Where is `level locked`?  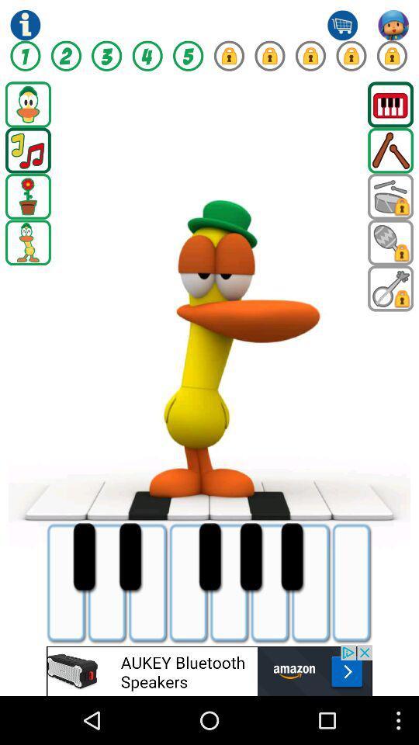 level locked is located at coordinates (268, 56).